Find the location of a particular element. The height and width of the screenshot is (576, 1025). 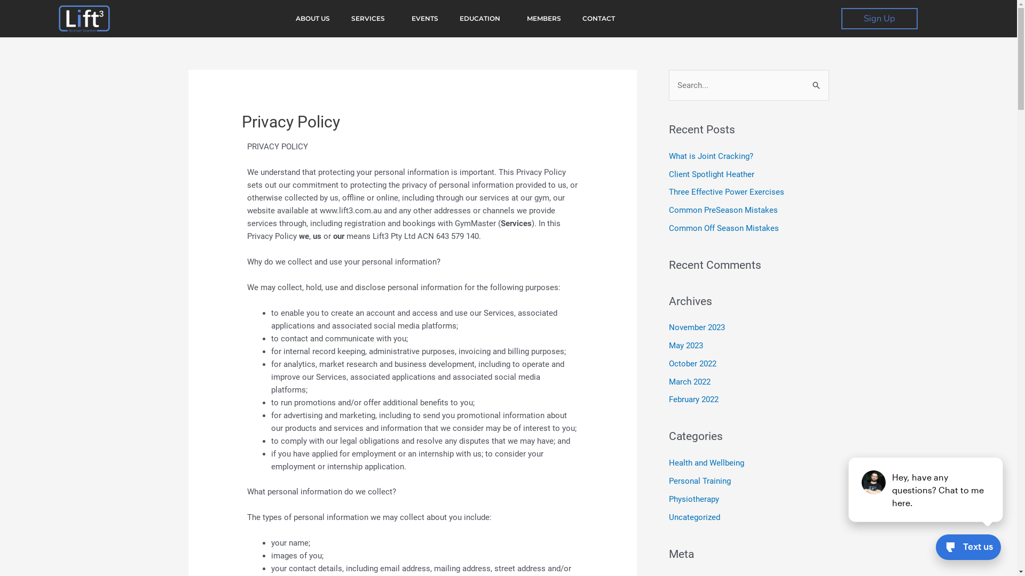

'Personal Training' is located at coordinates (668, 481).